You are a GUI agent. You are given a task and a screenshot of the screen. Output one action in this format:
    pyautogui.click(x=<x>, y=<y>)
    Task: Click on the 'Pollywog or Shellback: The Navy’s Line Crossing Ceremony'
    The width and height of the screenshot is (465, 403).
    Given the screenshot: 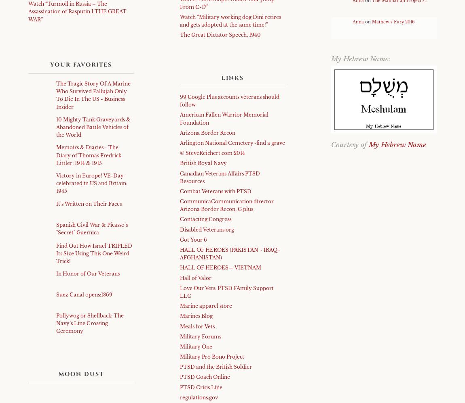 What is the action you would take?
    pyautogui.click(x=89, y=323)
    